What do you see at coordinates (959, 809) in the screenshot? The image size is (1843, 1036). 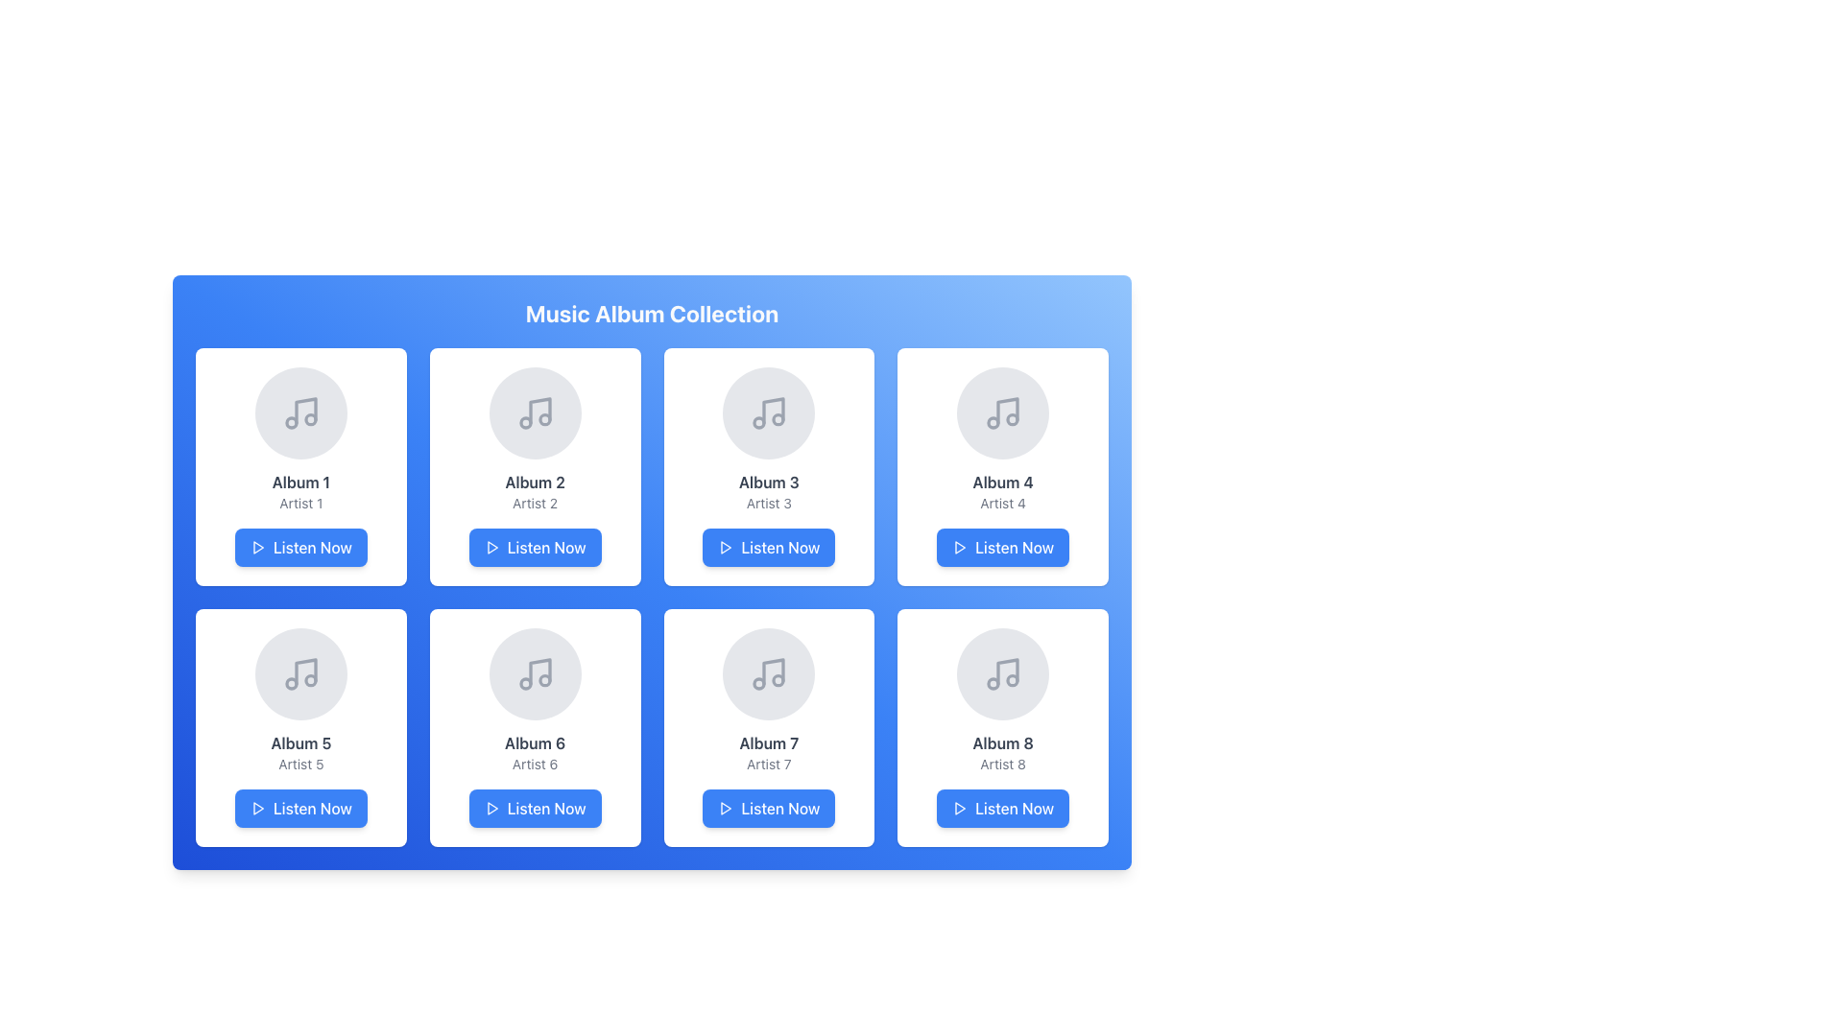 I see `the blue play icon located at the far left of the 'Listen Now' button under 'Album 8, Artist 8'` at bounding box center [959, 809].